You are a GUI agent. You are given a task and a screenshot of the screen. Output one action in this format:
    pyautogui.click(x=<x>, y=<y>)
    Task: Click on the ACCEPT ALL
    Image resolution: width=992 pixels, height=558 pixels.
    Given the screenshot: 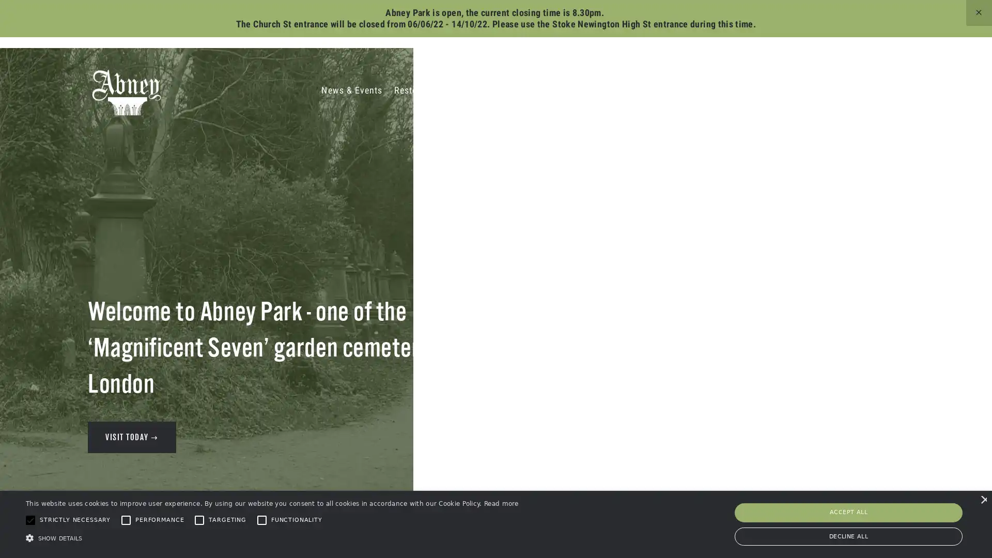 What is the action you would take?
    pyautogui.click(x=848, y=512)
    